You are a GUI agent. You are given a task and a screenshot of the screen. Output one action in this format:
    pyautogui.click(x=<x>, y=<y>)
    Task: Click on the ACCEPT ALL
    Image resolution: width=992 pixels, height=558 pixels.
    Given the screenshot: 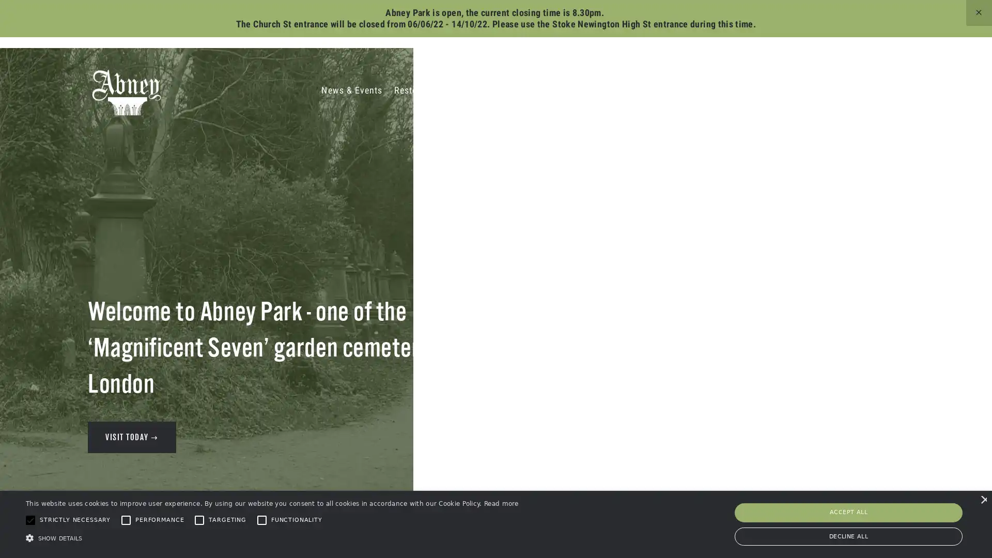 What is the action you would take?
    pyautogui.click(x=848, y=512)
    